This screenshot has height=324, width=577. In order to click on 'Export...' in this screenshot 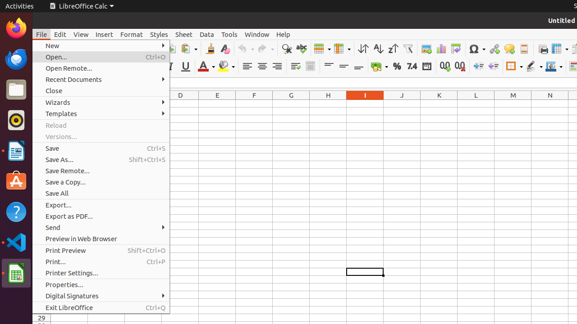, I will do `click(101, 205)`.